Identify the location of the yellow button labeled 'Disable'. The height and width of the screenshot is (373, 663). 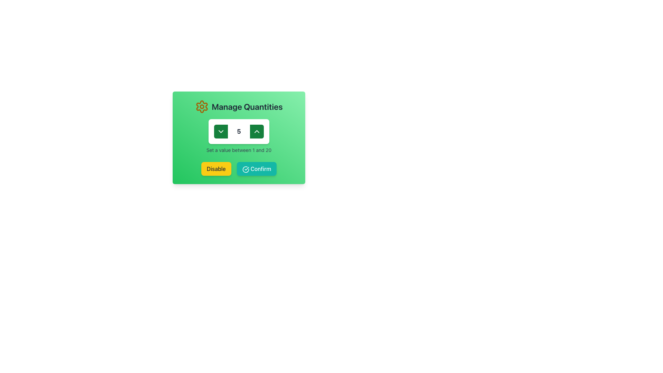
(215, 169).